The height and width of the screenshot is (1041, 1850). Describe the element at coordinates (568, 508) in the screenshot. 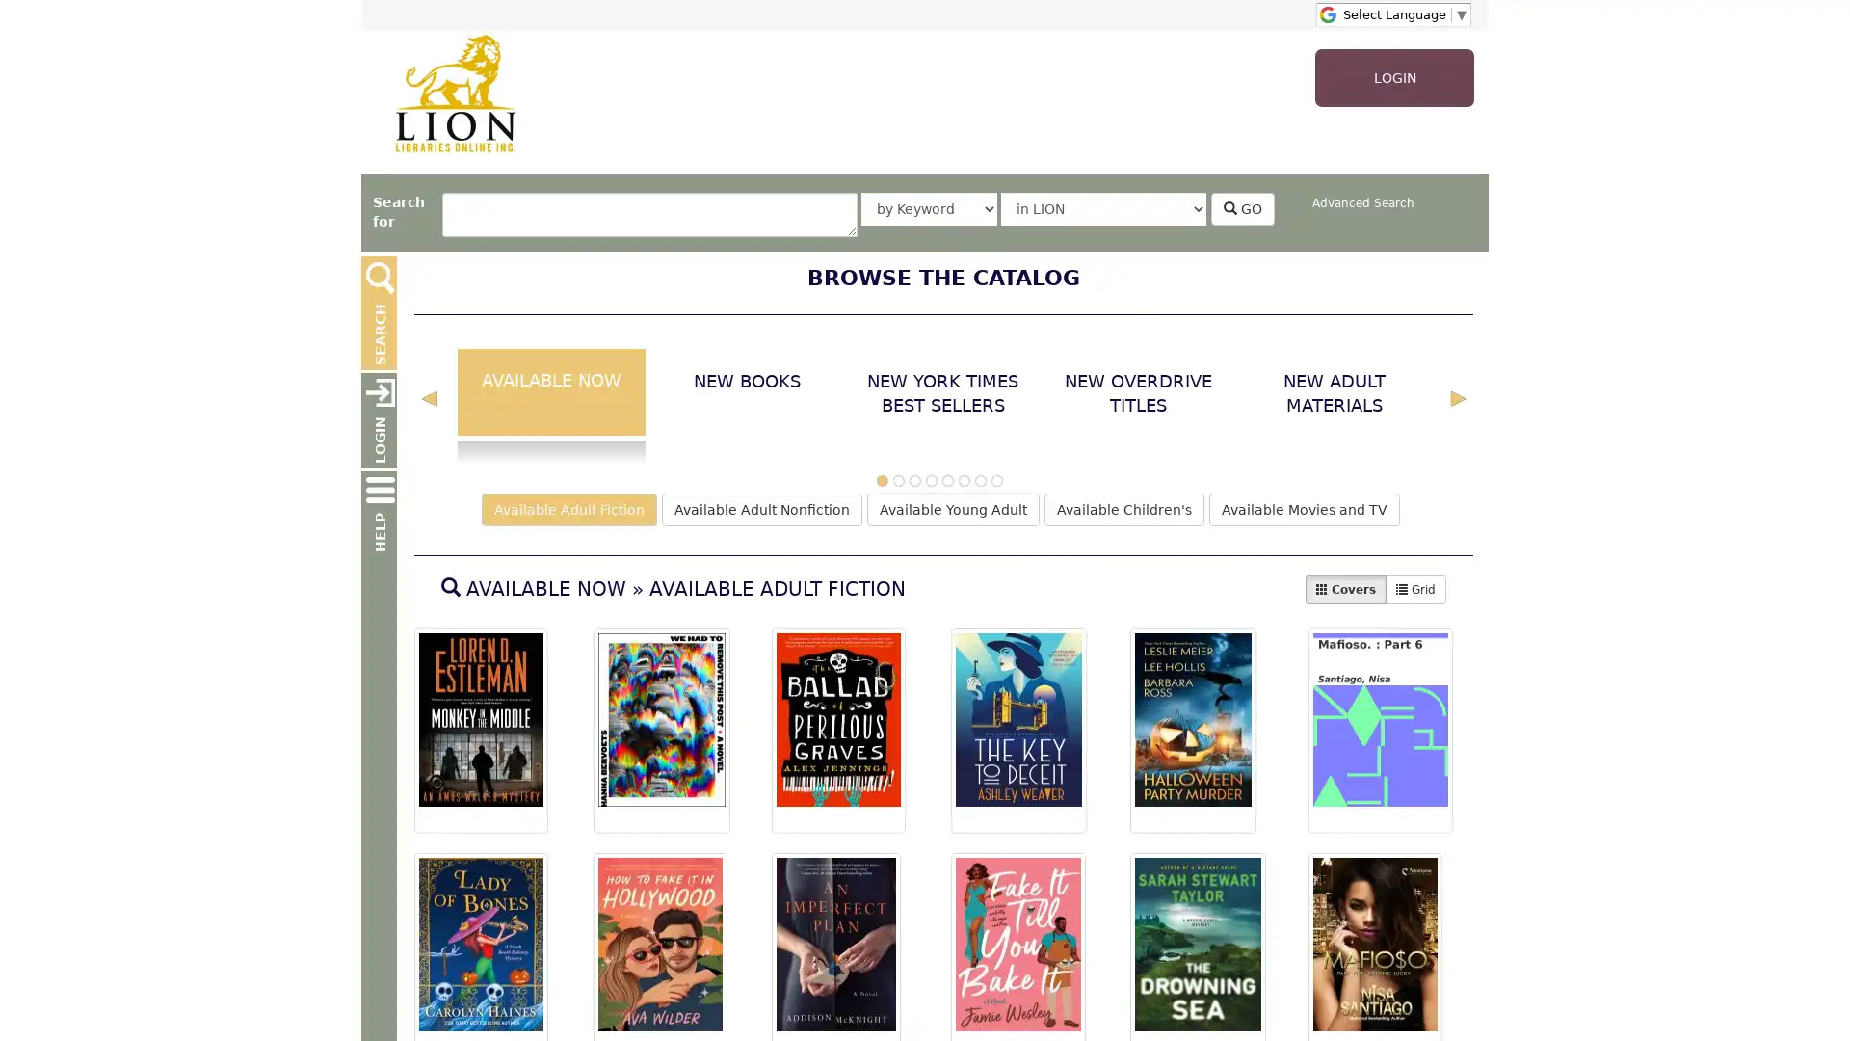

I see `Available Adult Fiction` at that location.